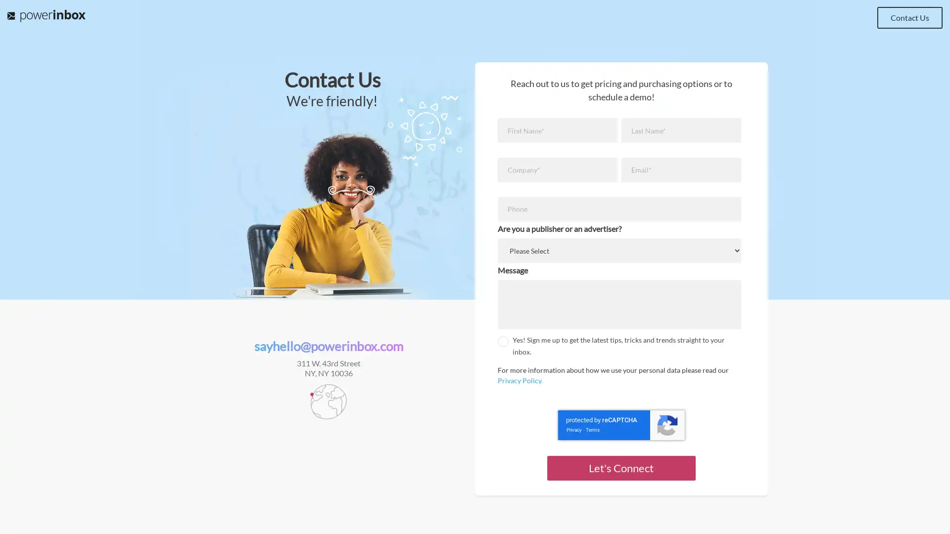 This screenshot has height=534, width=950. What do you see at coordinates (620, 467) in the screenshot?
I see `Let's Connect` at bounding box center [620, 467].